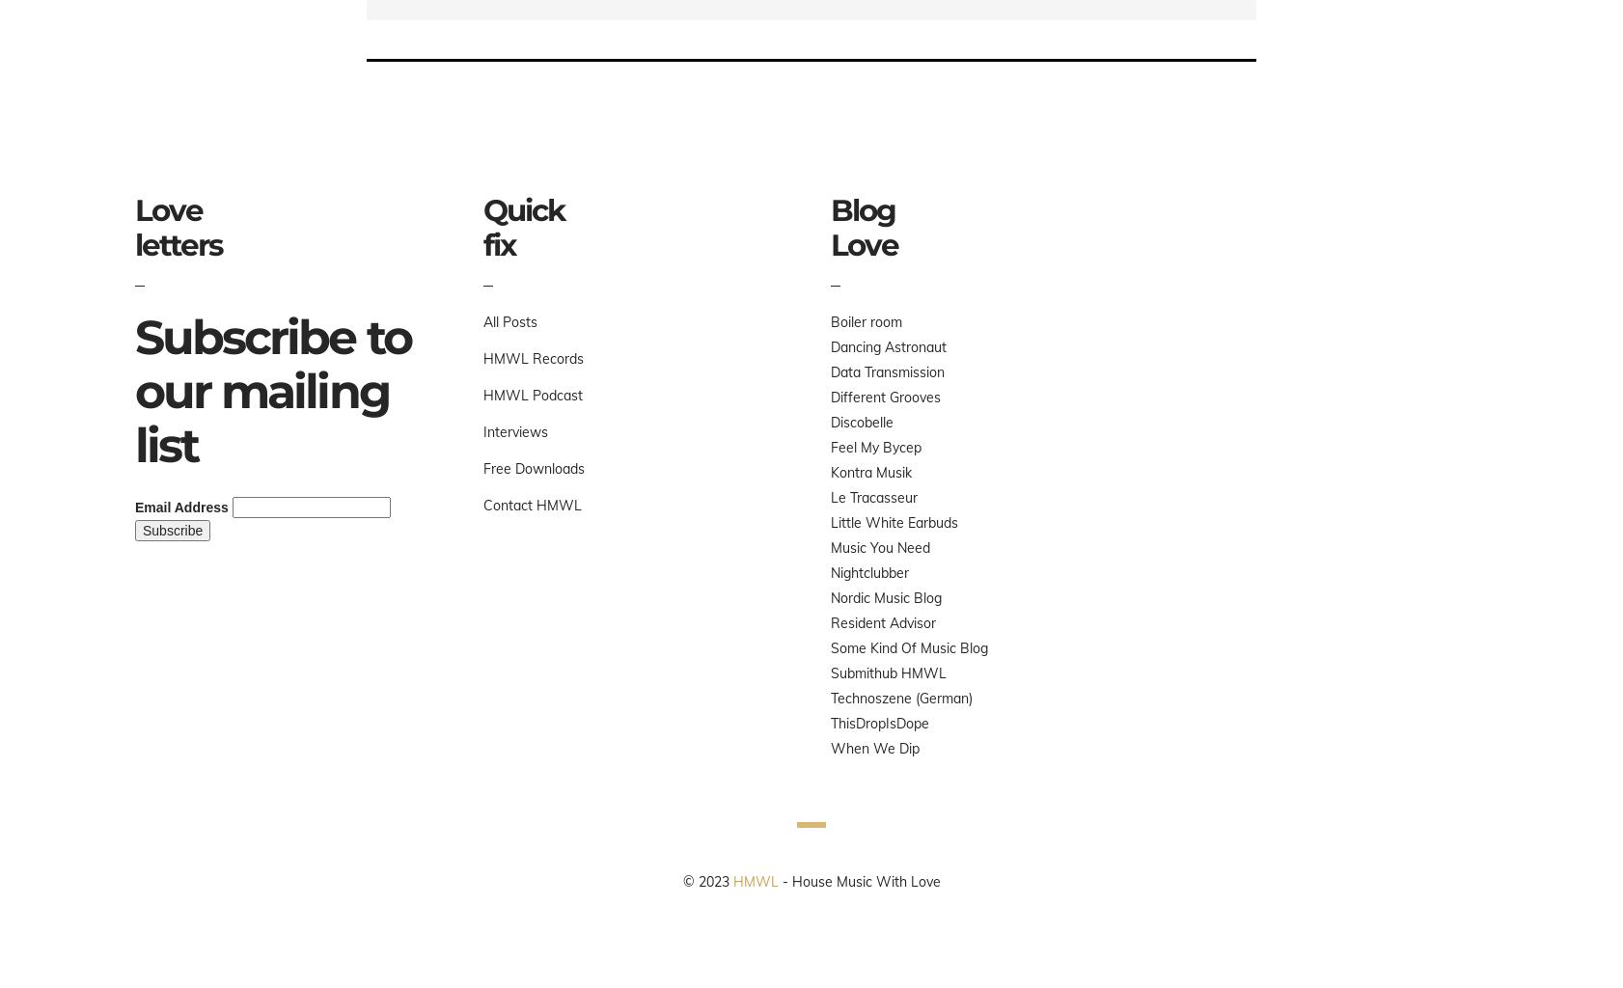  What do you see at coordinates (857, 881) in the screenshot?
I see `'- House Music With Love'` at bounding box center [857, 881].